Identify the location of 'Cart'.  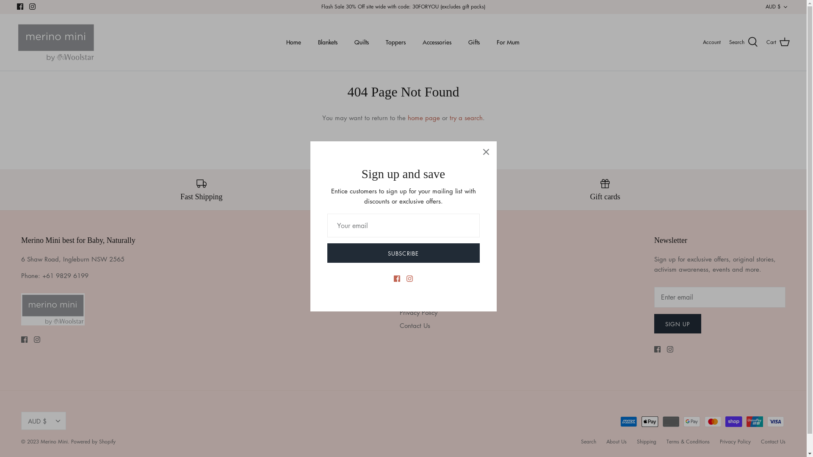
(778, 42).